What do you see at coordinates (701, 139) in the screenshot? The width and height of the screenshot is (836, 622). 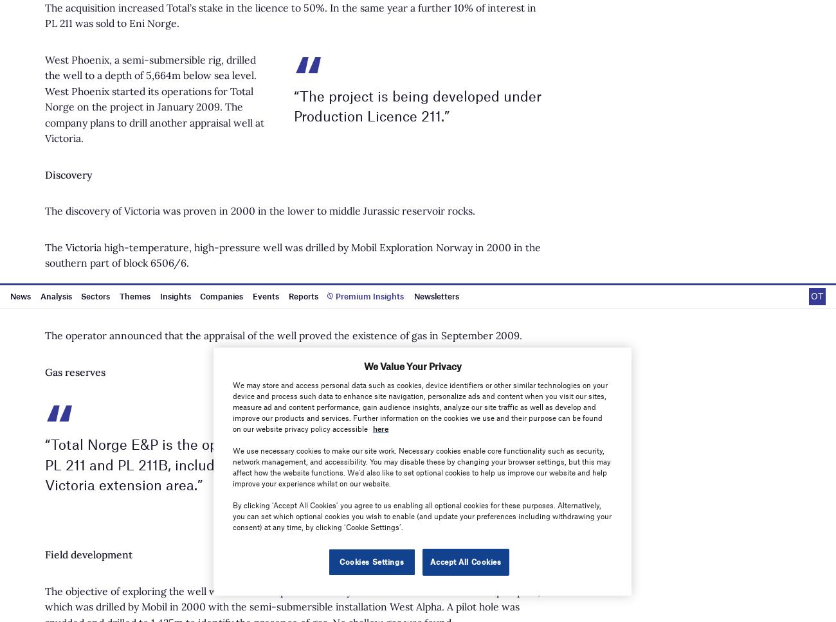 I see `'Privacy policy'` at bounding box center [701, 139].